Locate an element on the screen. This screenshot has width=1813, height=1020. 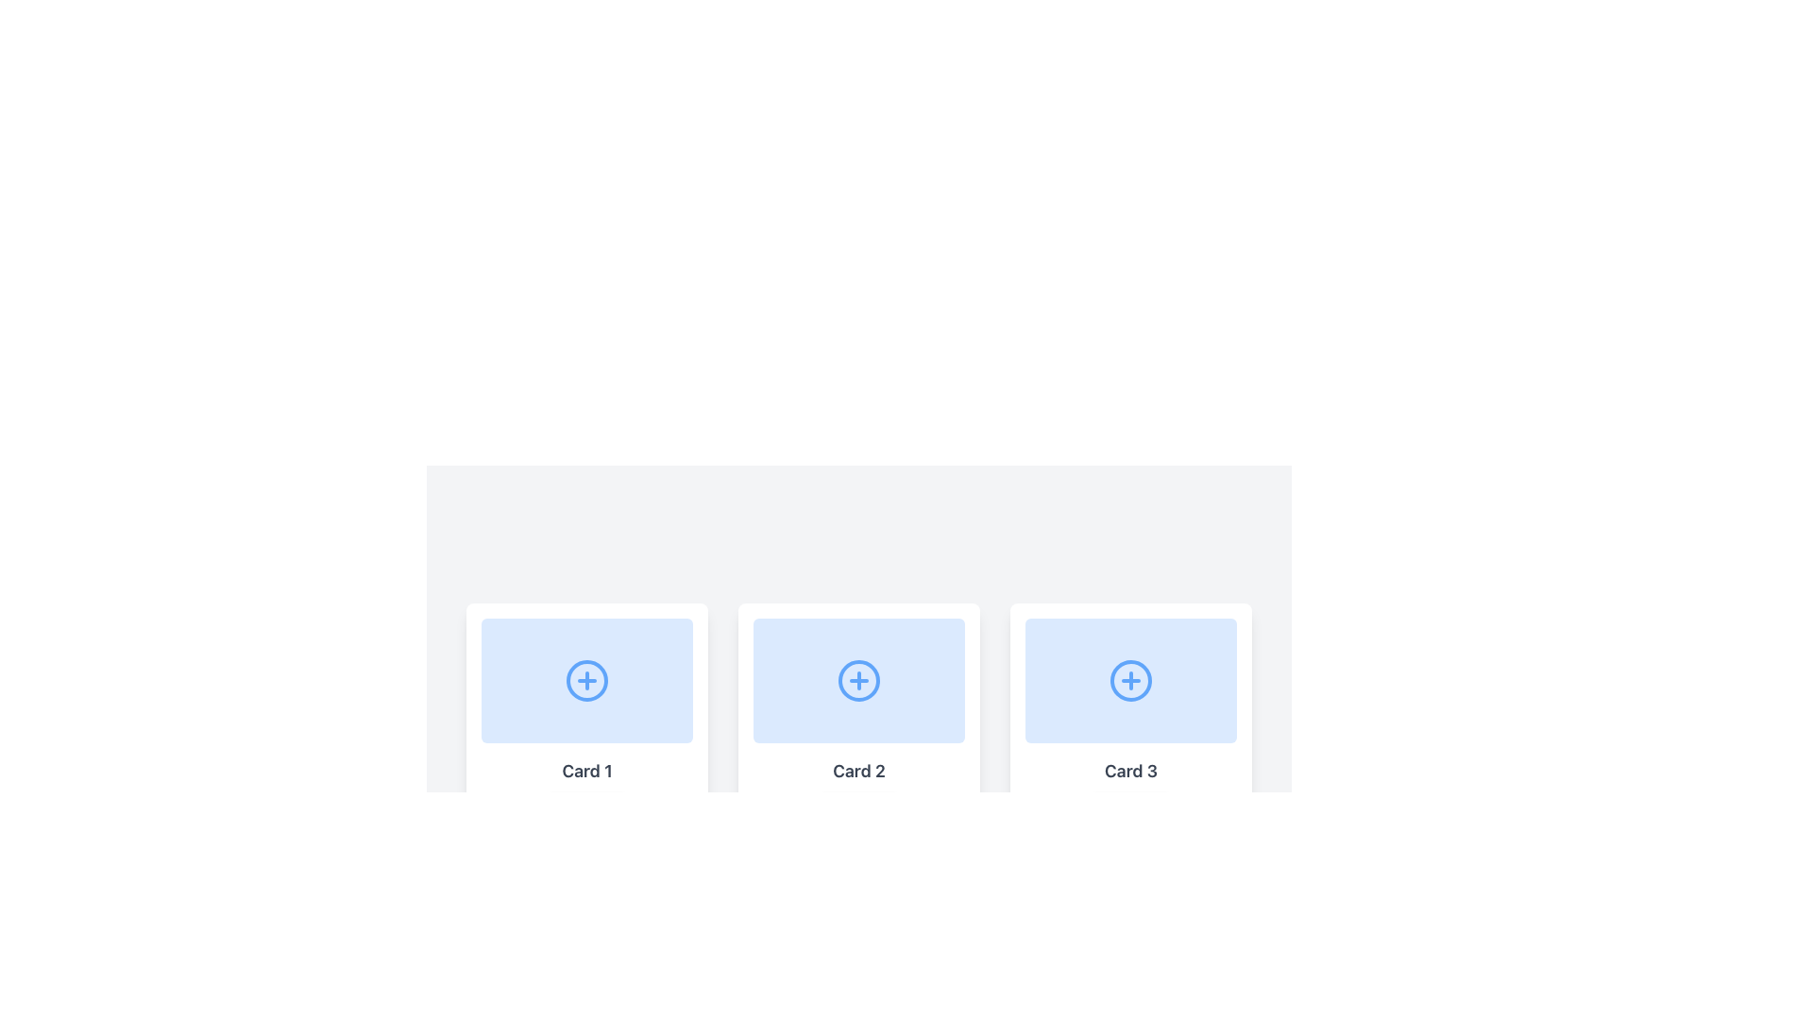
the circular icon button with a blue border and a plus sign (+) symbol in the center is located at coordinates (858, 681).